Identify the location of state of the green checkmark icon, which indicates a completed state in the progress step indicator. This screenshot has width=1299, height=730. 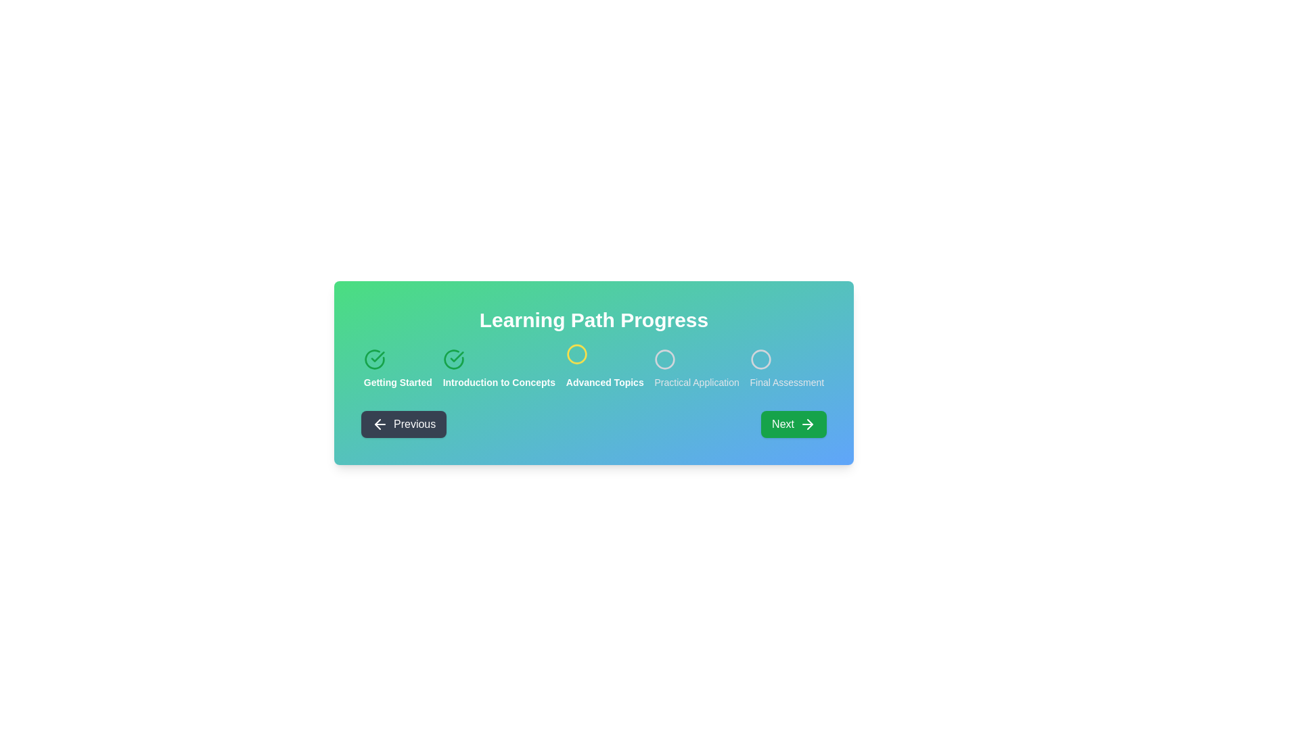
(378, 356).